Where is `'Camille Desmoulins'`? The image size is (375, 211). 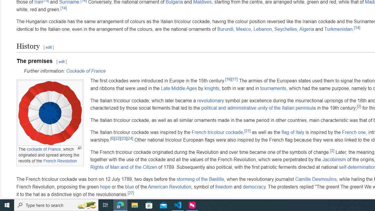
'Camille Desmoulins' is located at coordinates (316, 179).